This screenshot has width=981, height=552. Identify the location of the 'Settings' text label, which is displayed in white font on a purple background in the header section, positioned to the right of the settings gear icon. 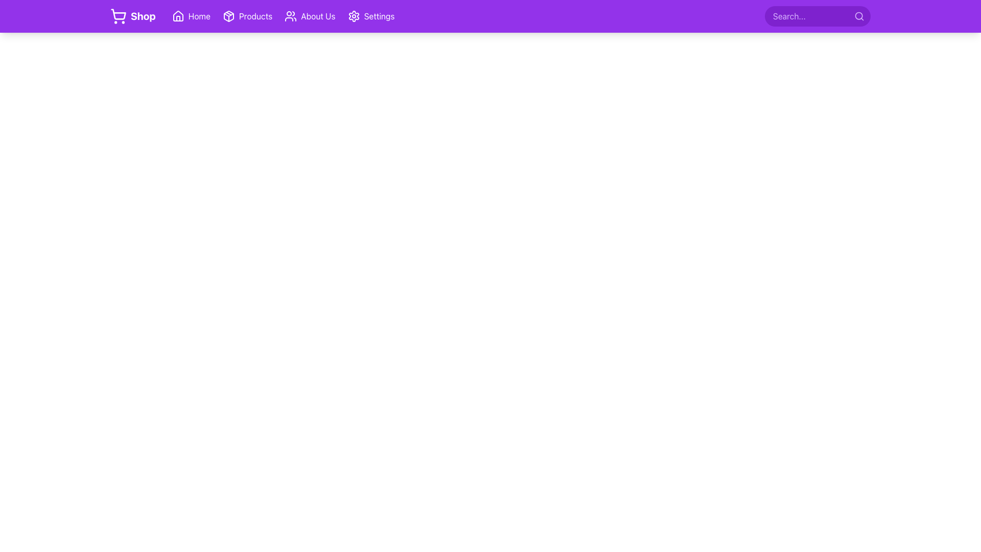
(379, 16).